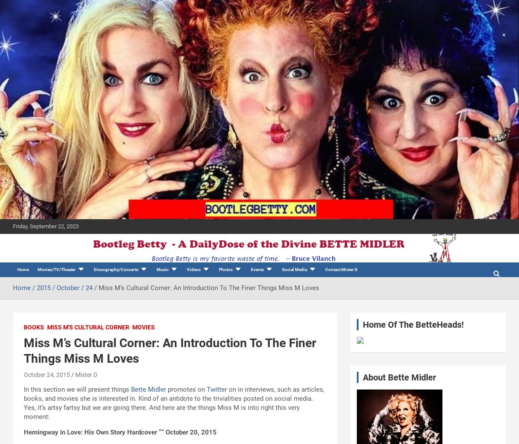 The image size is (519, 444). I want to click on 'In this section we will present things', so click(77, 389).